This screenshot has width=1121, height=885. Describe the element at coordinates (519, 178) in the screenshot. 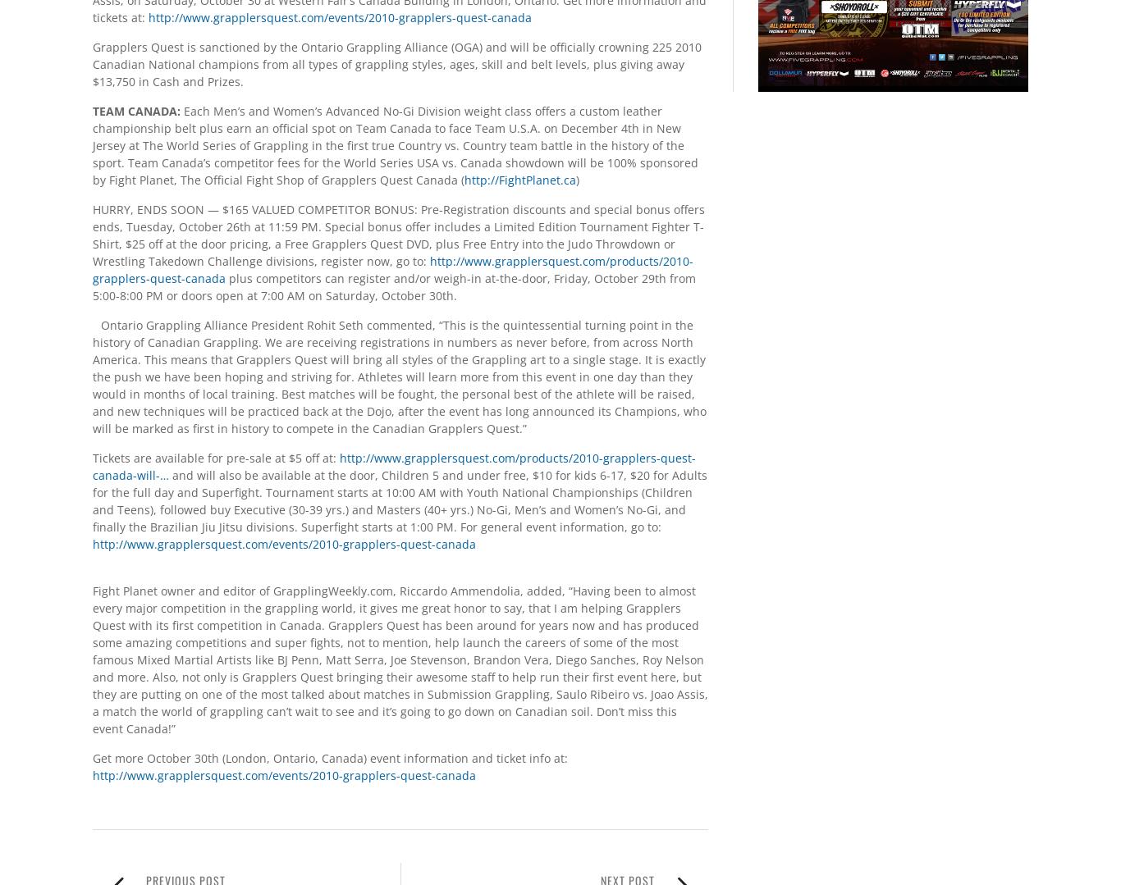

I see `'http://FightPlanet.ca'` at that location.